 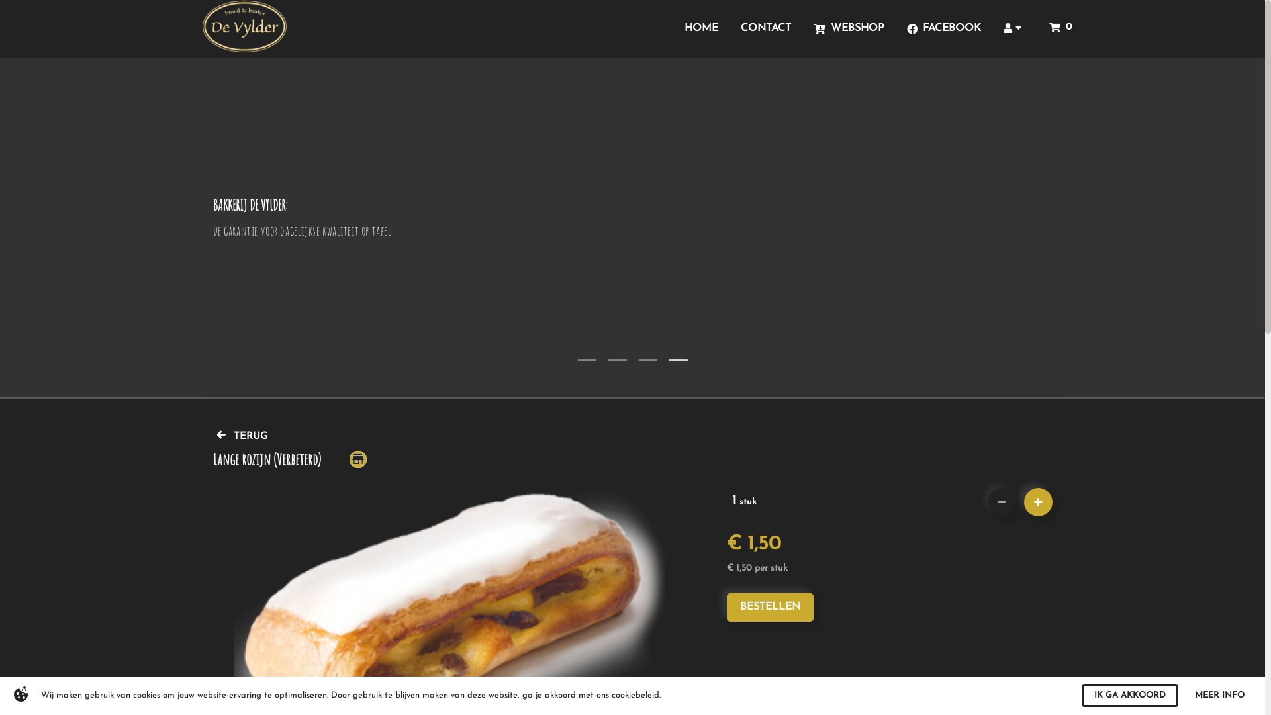 I want to click on 'MORE INFO', so click(x=1224, y=694).